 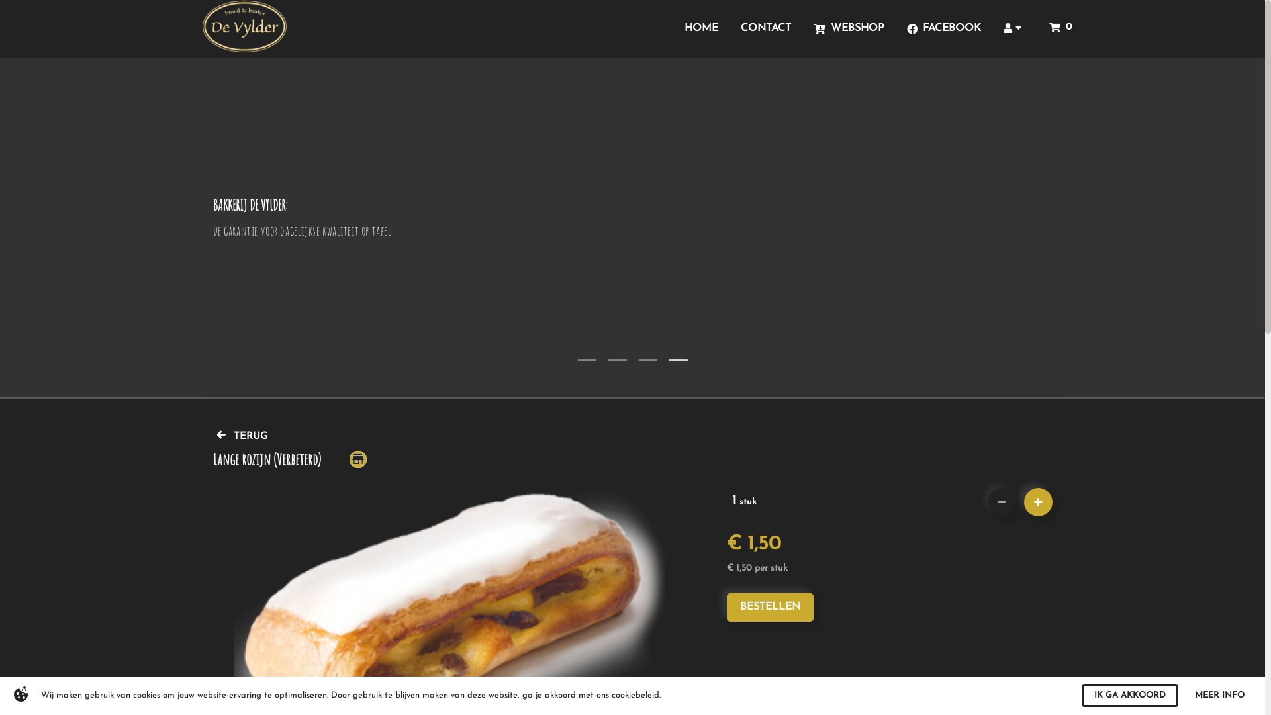 I want to click on 'MORE INFO', so click(x=1224, y=694).